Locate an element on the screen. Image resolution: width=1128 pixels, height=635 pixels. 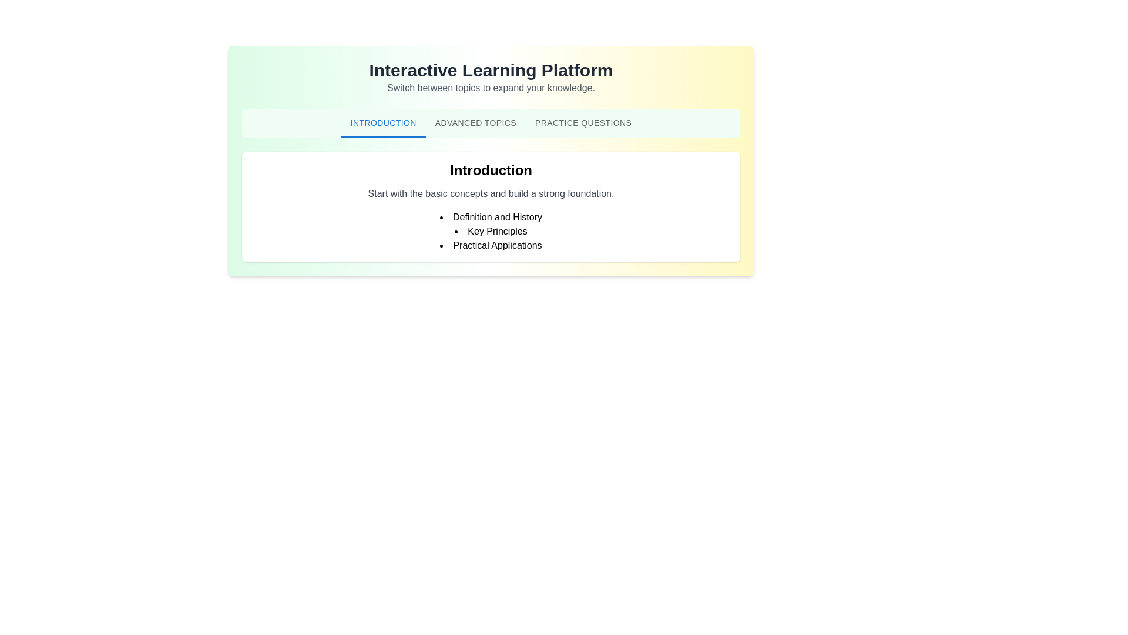
the 'Advanced Topics' tab, which is the second tab in a list of three tabs is located at coordinates (475, 123).